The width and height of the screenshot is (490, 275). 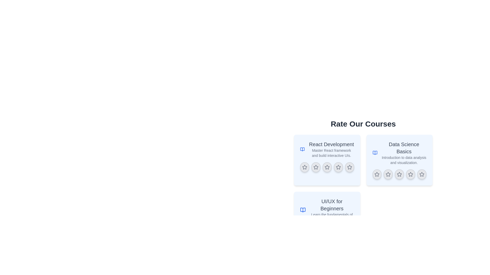 What do you see at coordinates (349, 167) in the screenshot?
I see `the last star icon in the horizontal group of five stars under the 'React Development' section` at bounding box center [349, 167].